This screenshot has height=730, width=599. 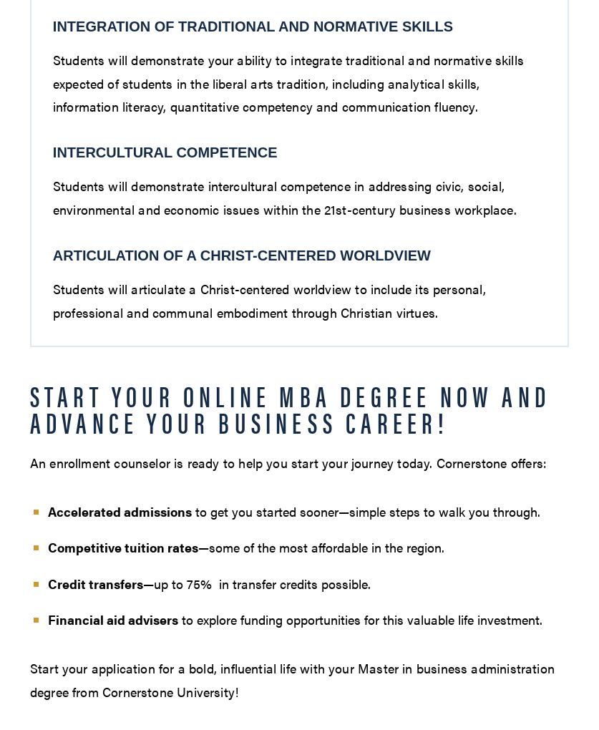 What do you see at coordinates (252, 26) in the screenshot?
I see `'Integration of Traditional and Normative Skills'` at bounding box center [252, 26].